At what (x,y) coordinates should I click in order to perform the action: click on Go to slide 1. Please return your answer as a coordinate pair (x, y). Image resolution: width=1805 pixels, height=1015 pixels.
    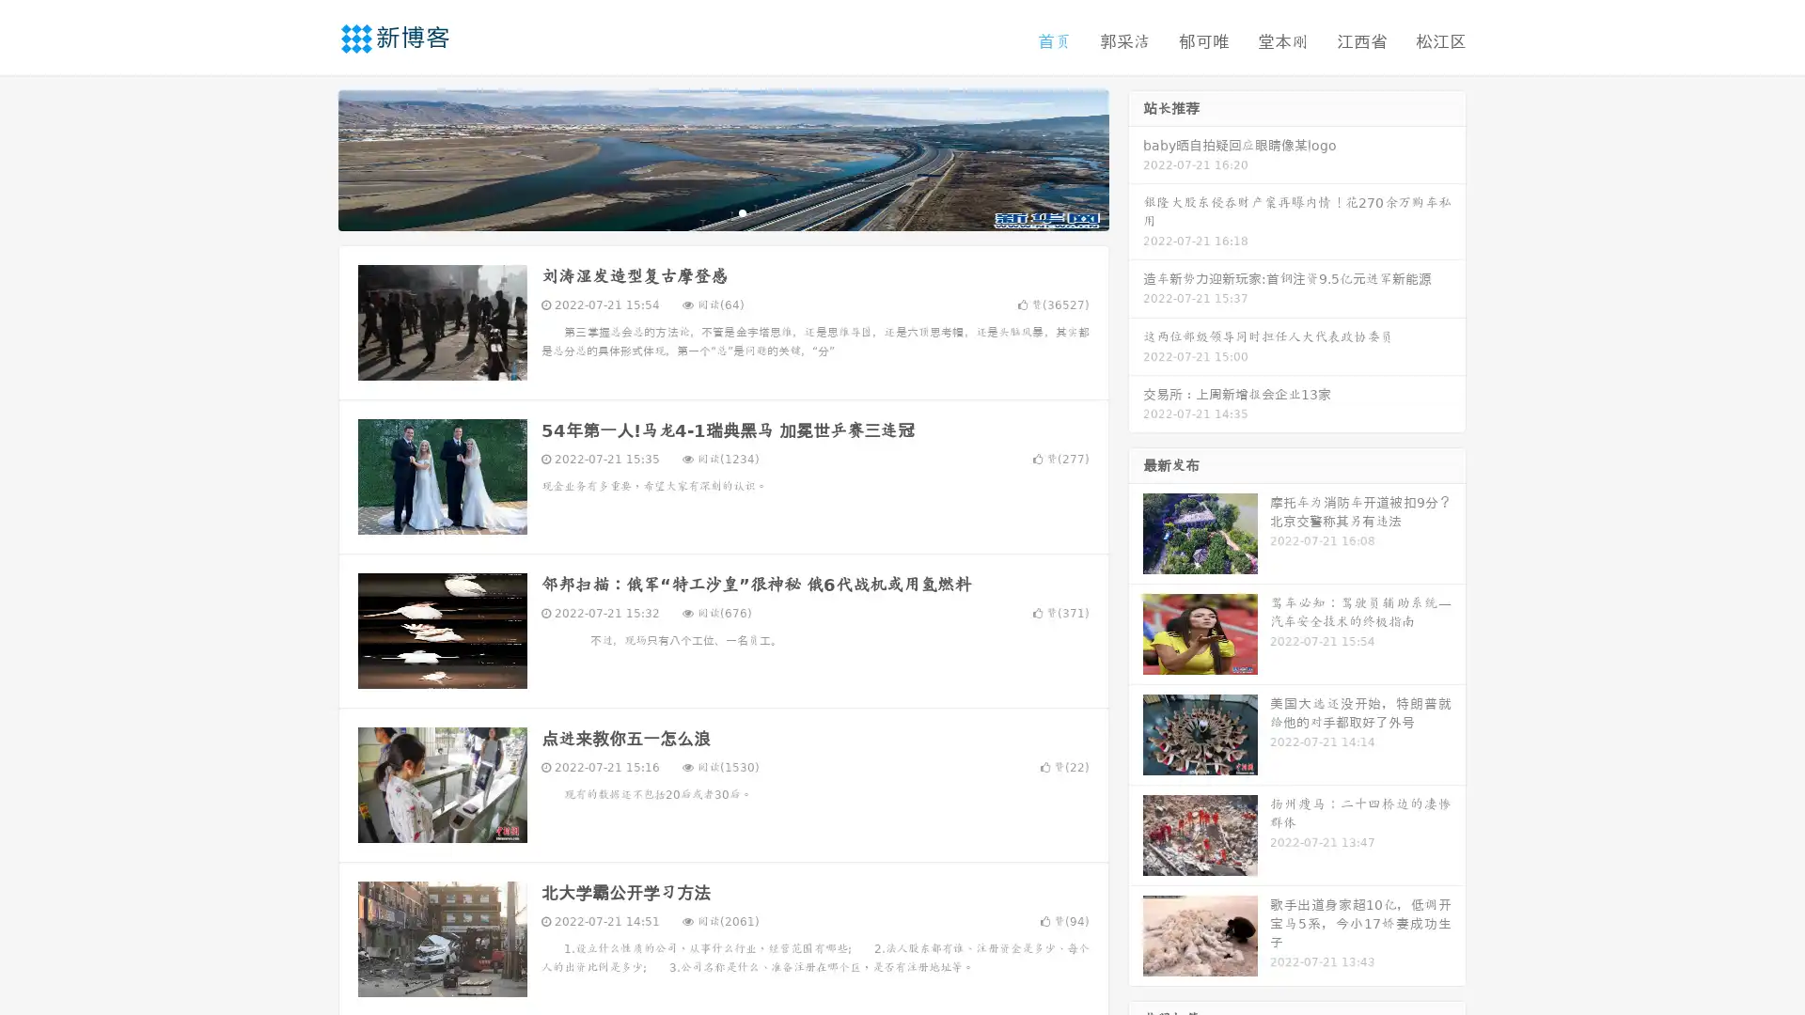
    Looking at the image, I should click on (703, 211).